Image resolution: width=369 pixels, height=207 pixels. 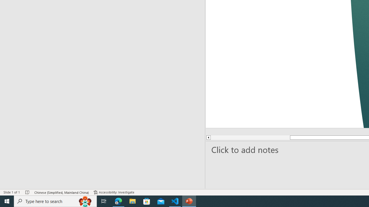 What do you see at coordinates (208, 137) in the screenshot?
I see `'Line up'` at bounding box center [208, 137].